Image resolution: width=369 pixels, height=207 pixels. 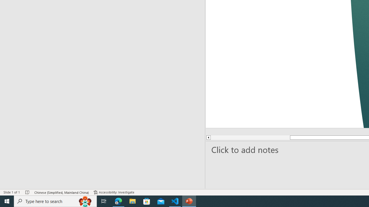 What do you see at coordinates (208, 137) in the screenshot?
I see `'Line up'` at bounding box center [208, 137].